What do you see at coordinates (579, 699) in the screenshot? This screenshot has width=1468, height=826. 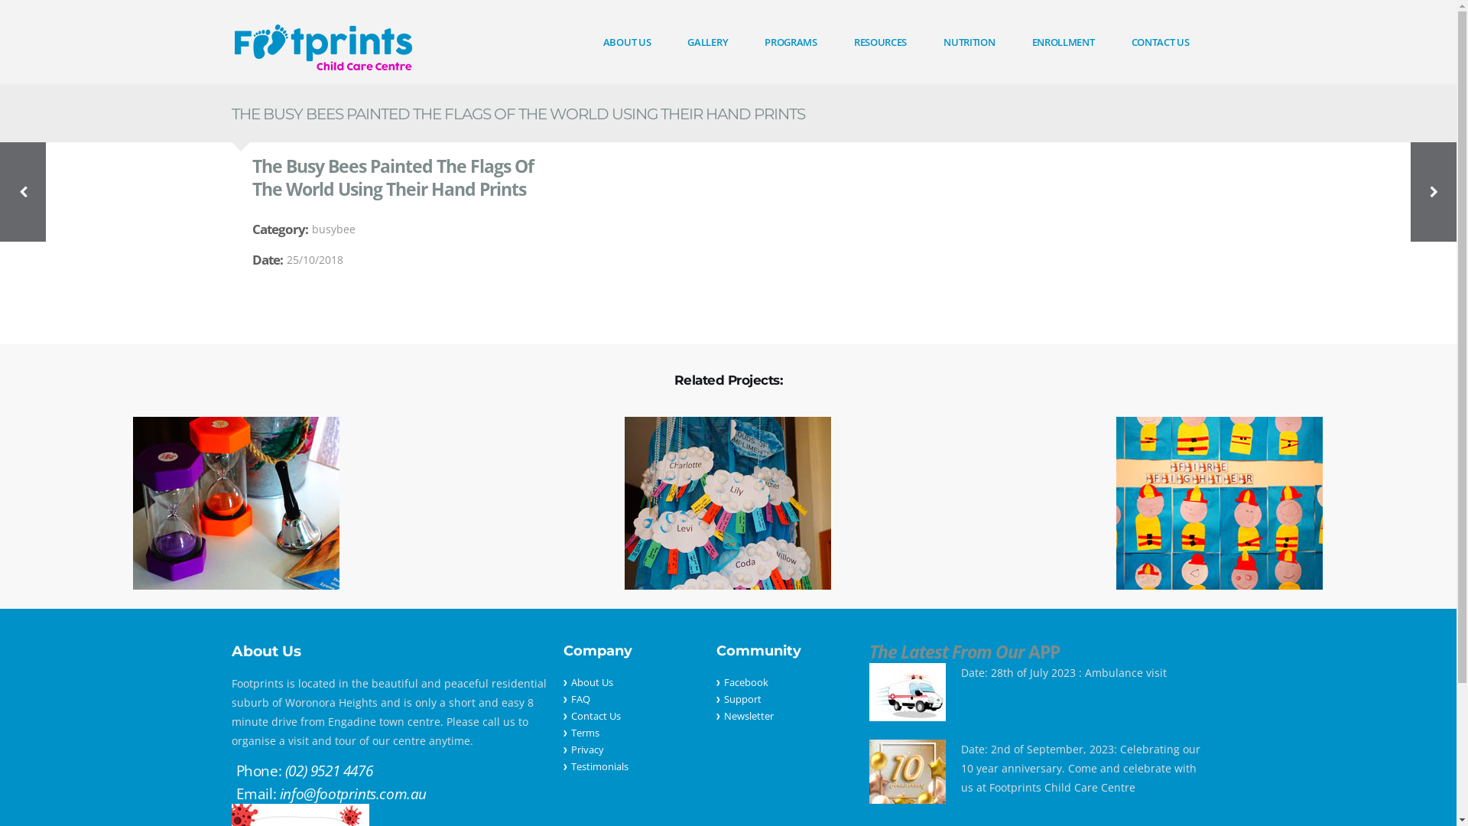 I see `'FAQ'` at bounding box center [579, 699].